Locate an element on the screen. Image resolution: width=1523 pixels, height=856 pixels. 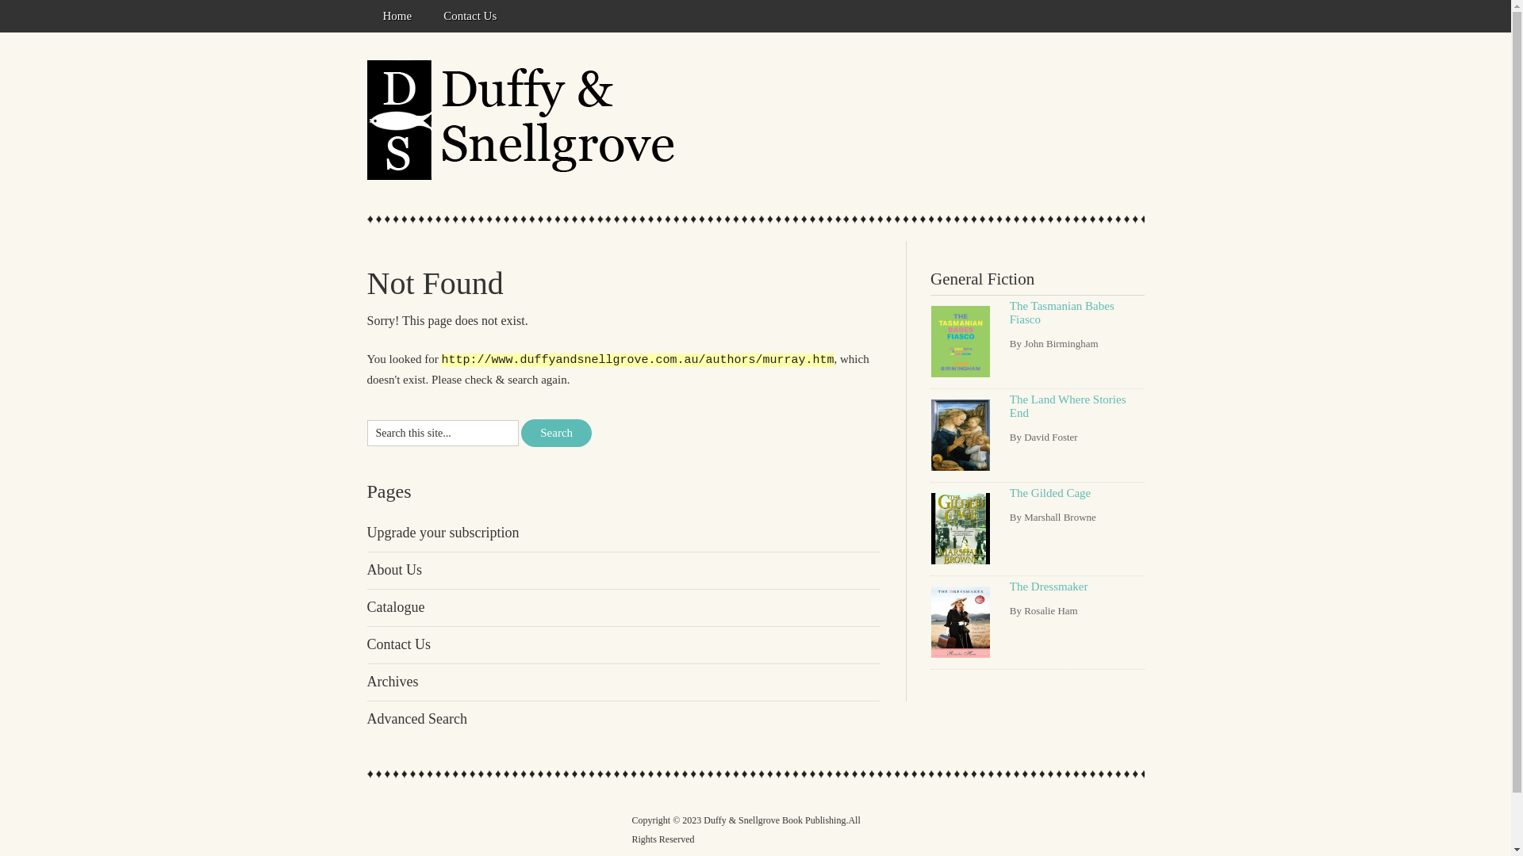
'About Us' is located at coordinates (394, 568).